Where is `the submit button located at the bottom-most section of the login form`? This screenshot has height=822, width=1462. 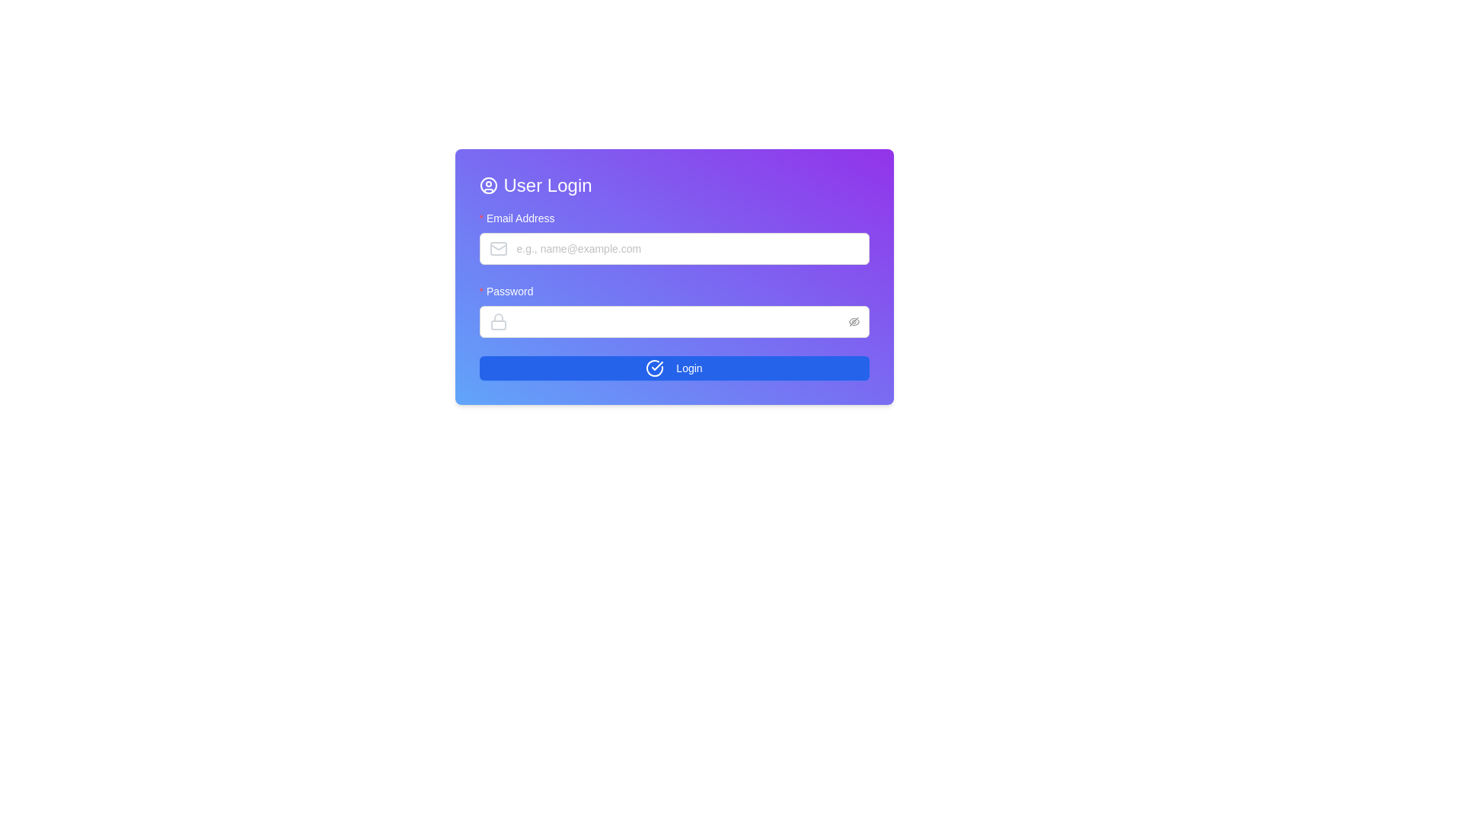 the submit button located at the bottom-most section of the login form is located at coordinates (673, 368).